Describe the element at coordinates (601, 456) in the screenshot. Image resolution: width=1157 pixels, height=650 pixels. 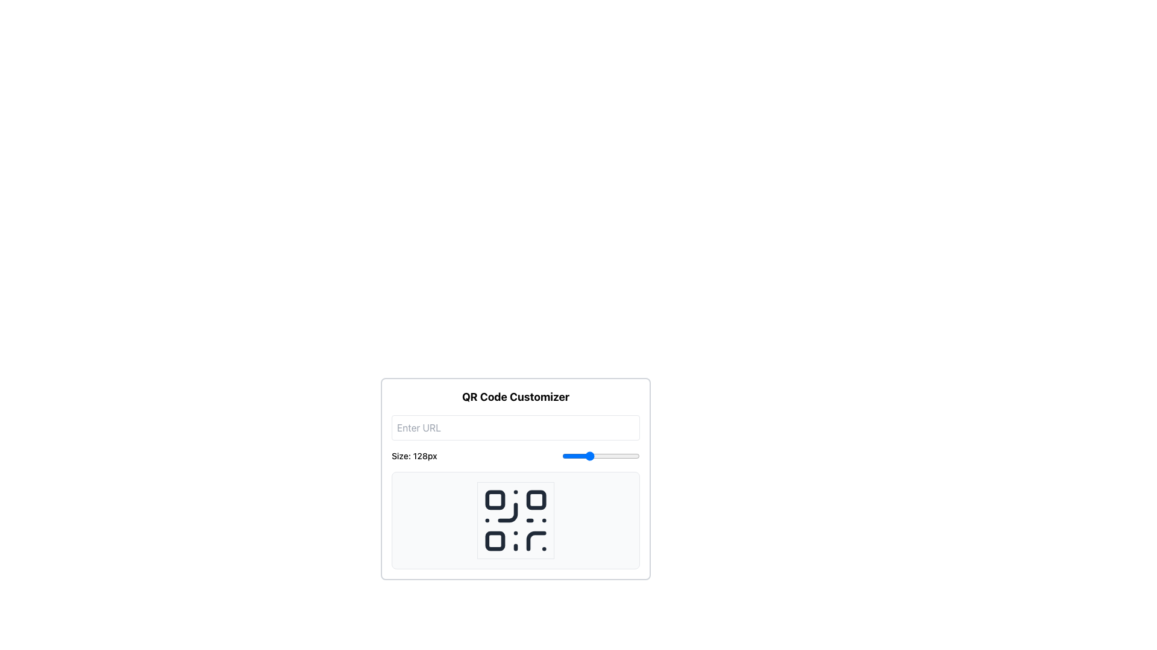
I see `and drag the blue circular handle of the horizontal slider located to the right of the text 'Size: 128px' within the 'QR Code Customizer' box to adjust the value` at that location.